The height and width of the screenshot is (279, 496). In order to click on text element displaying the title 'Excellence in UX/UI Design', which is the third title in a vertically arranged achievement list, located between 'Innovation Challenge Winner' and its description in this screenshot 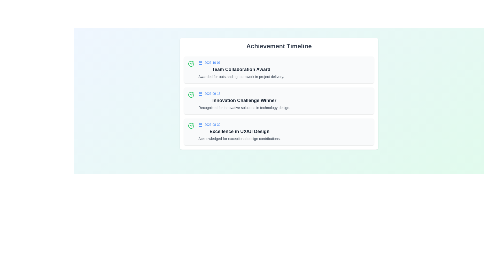, I will do `click(239, 131)`.